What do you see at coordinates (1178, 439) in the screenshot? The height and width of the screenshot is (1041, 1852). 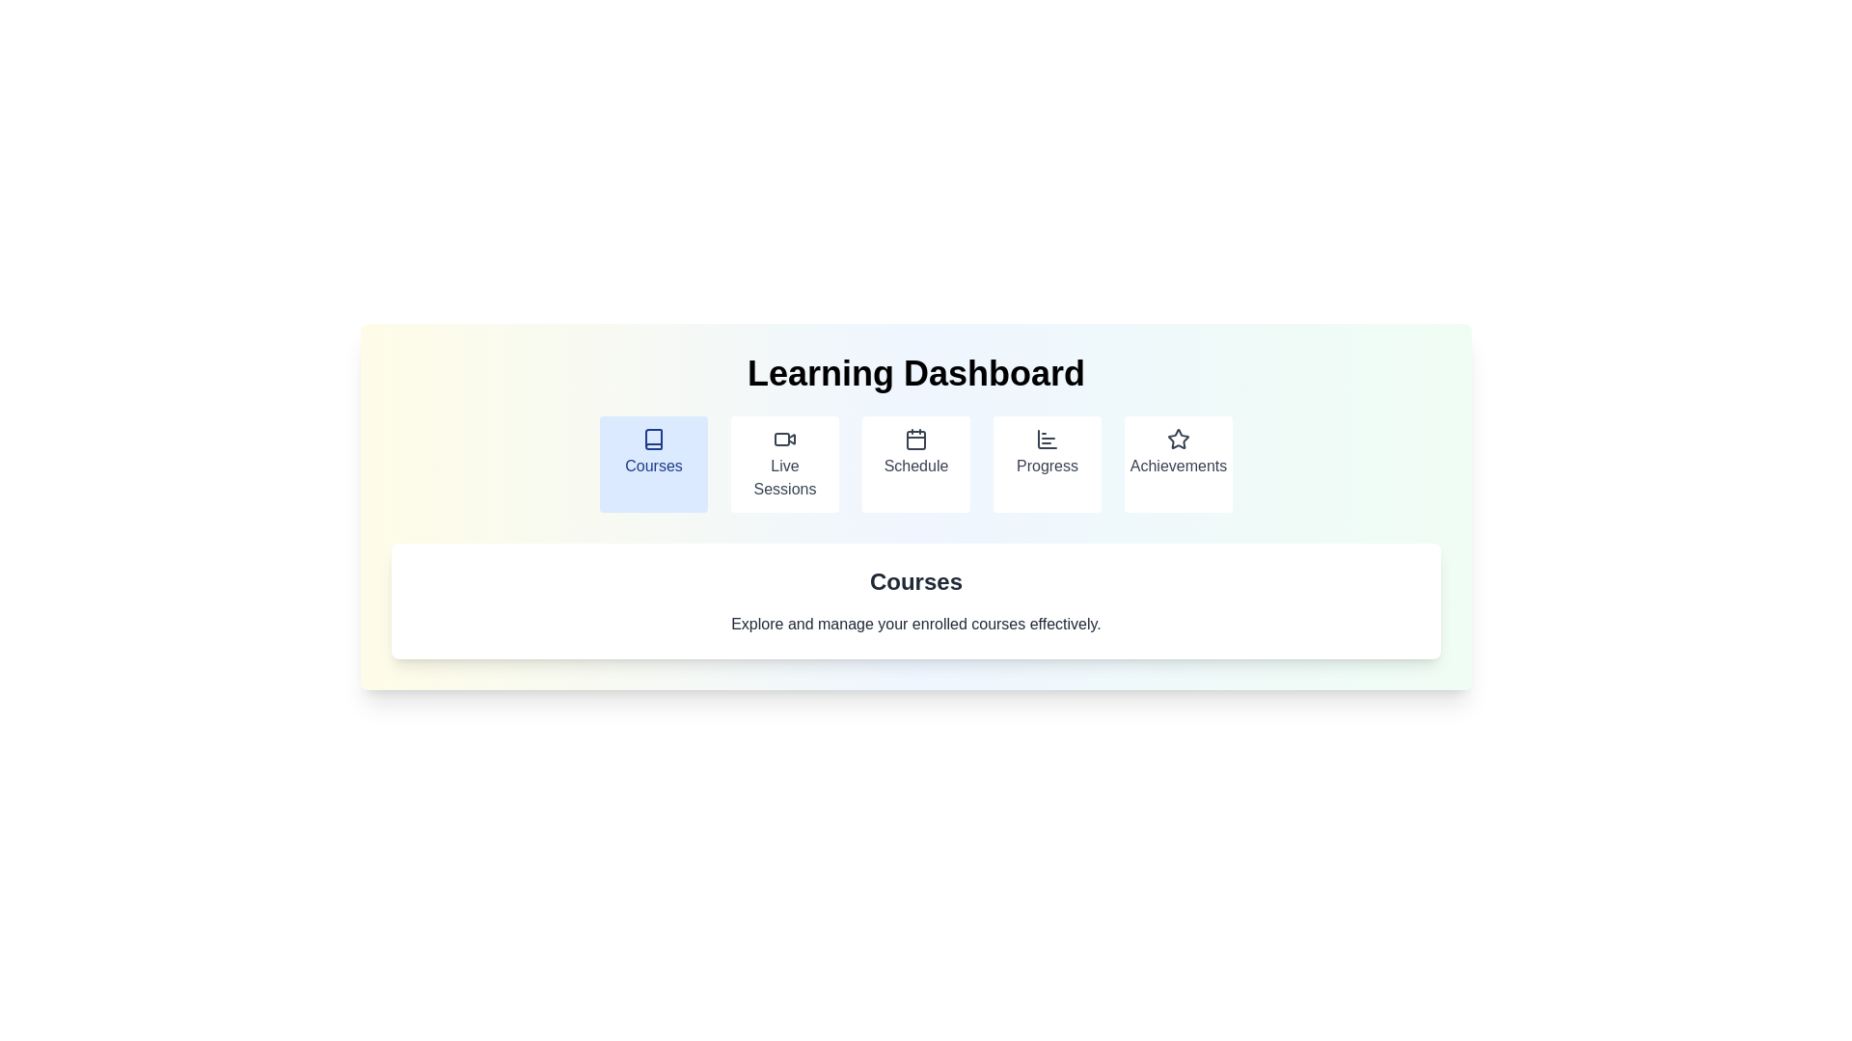 I see `the star outline icon representing the 'Achievements' section in the top navigation menu of the 'Learning Dashboard'` at bounding box center [1178, 439].